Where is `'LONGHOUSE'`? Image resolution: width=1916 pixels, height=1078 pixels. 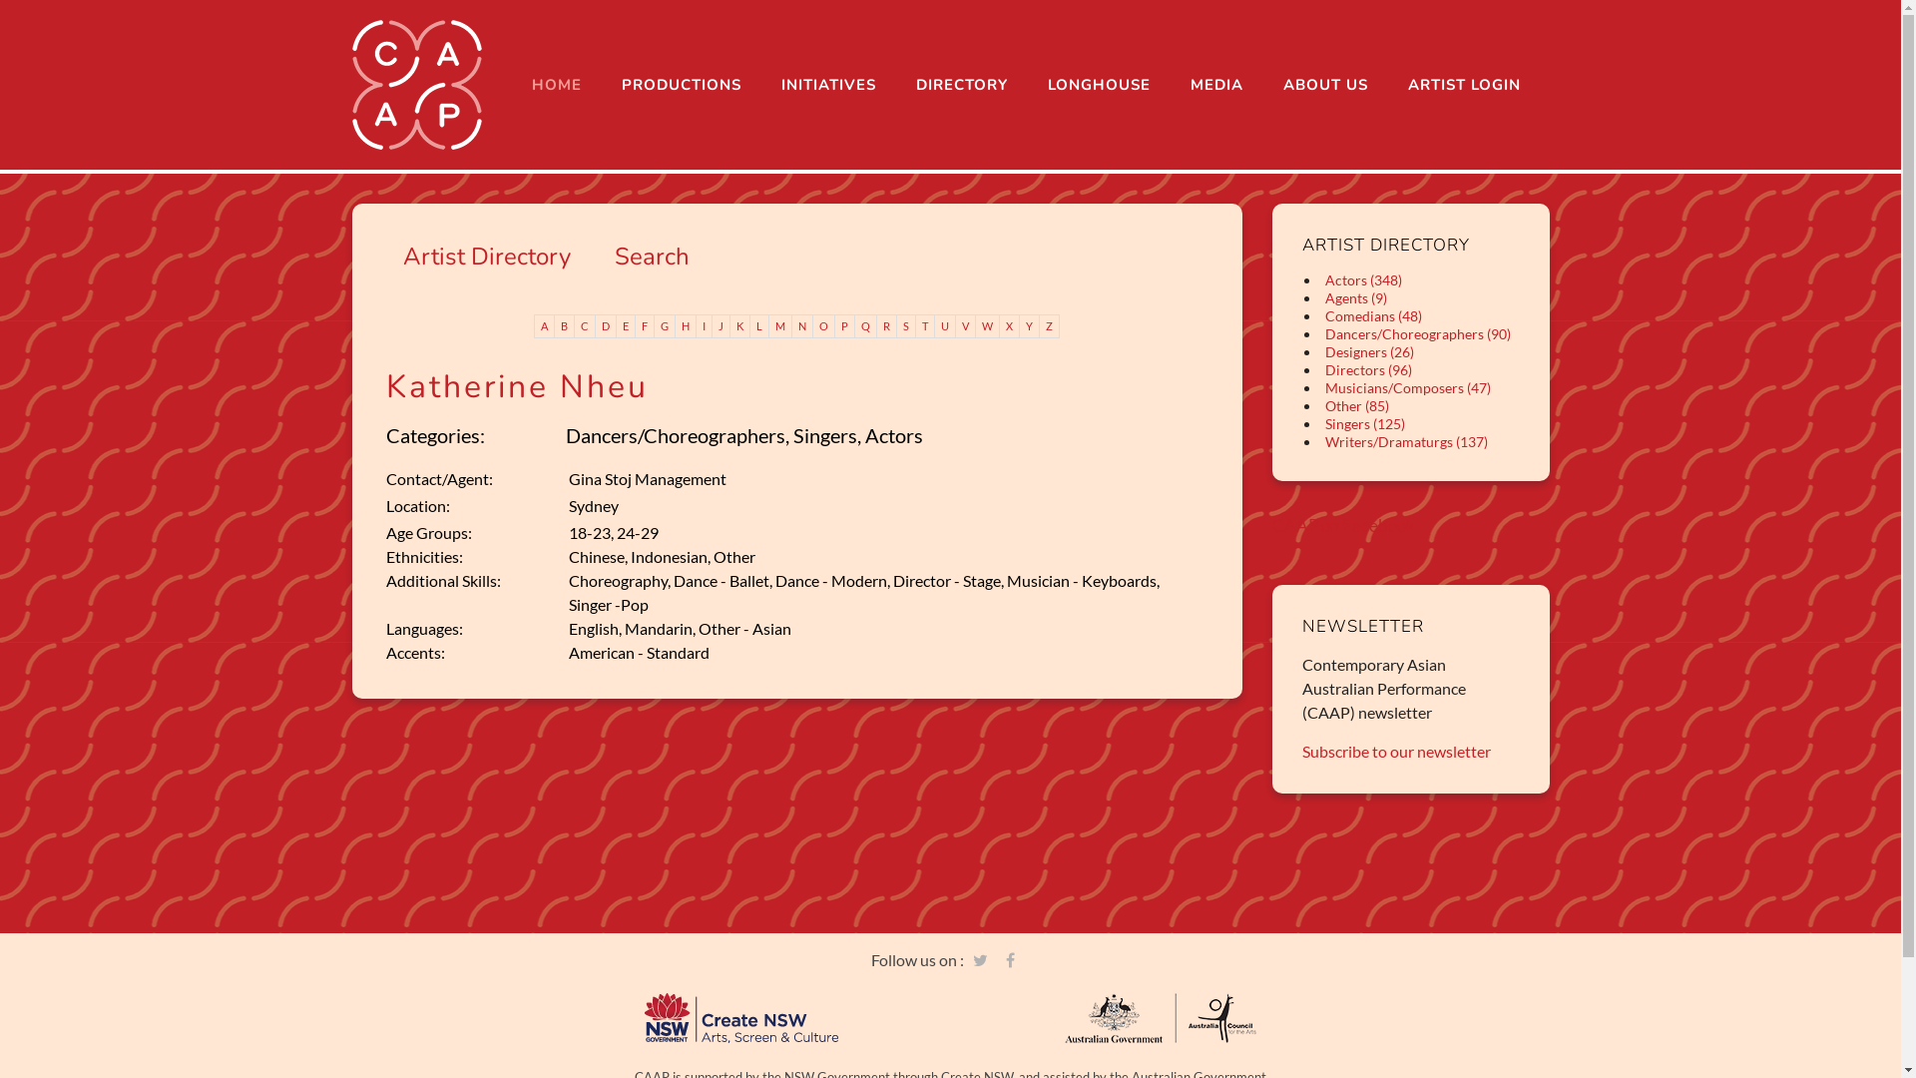
'LONGHOUSE' is located at coordinates (1098, 83).